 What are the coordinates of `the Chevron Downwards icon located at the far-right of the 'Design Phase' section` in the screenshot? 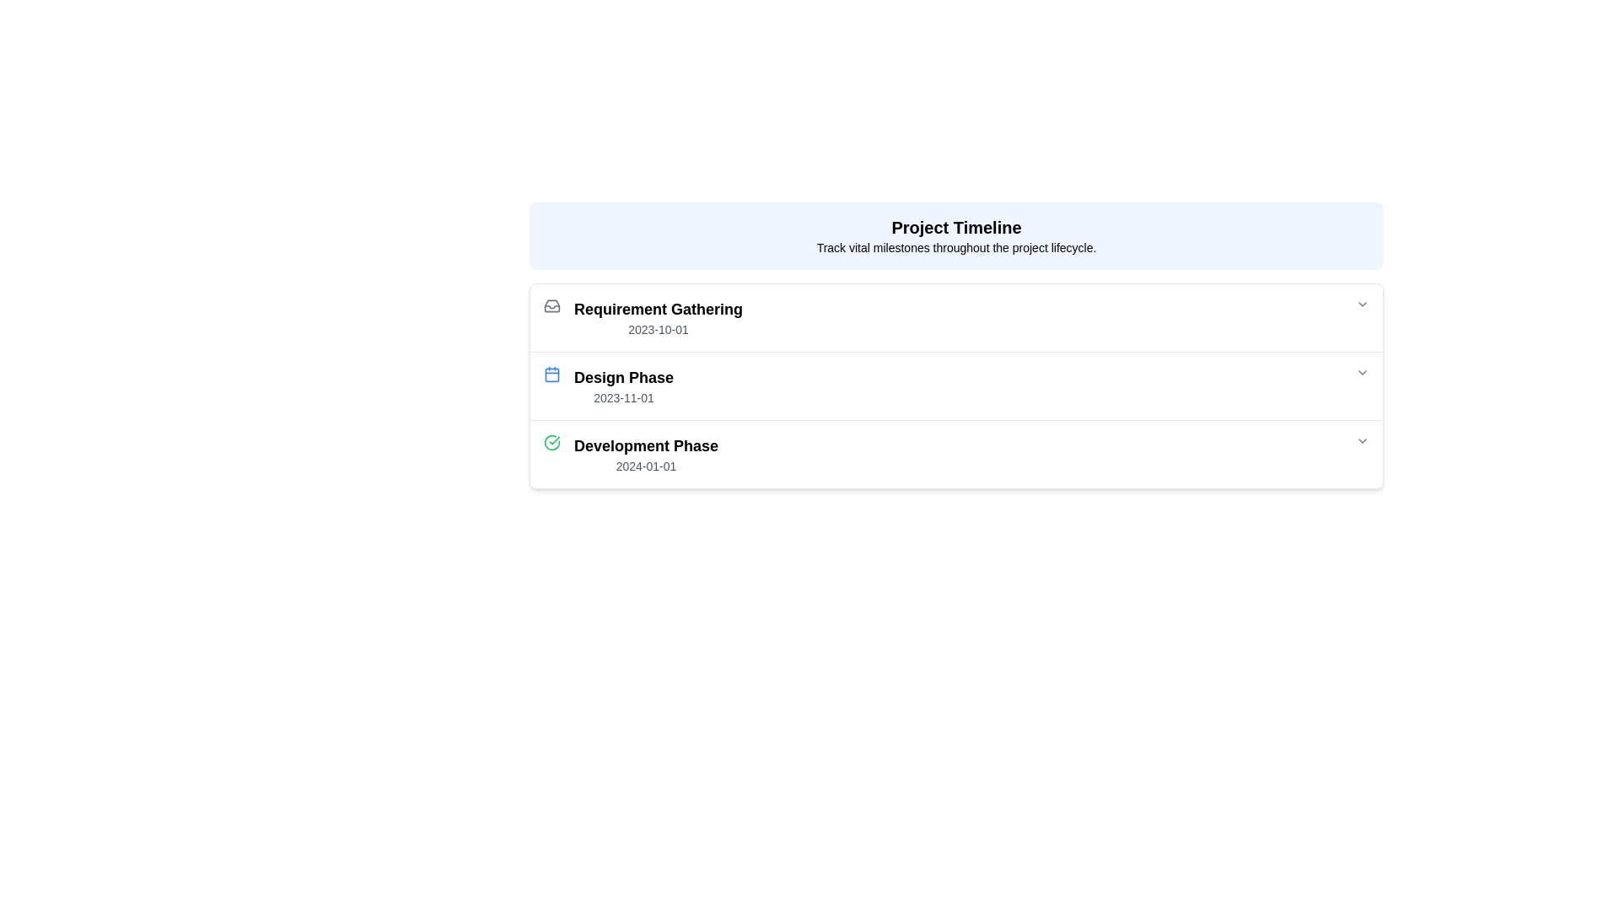 It's located at (1363, 372).